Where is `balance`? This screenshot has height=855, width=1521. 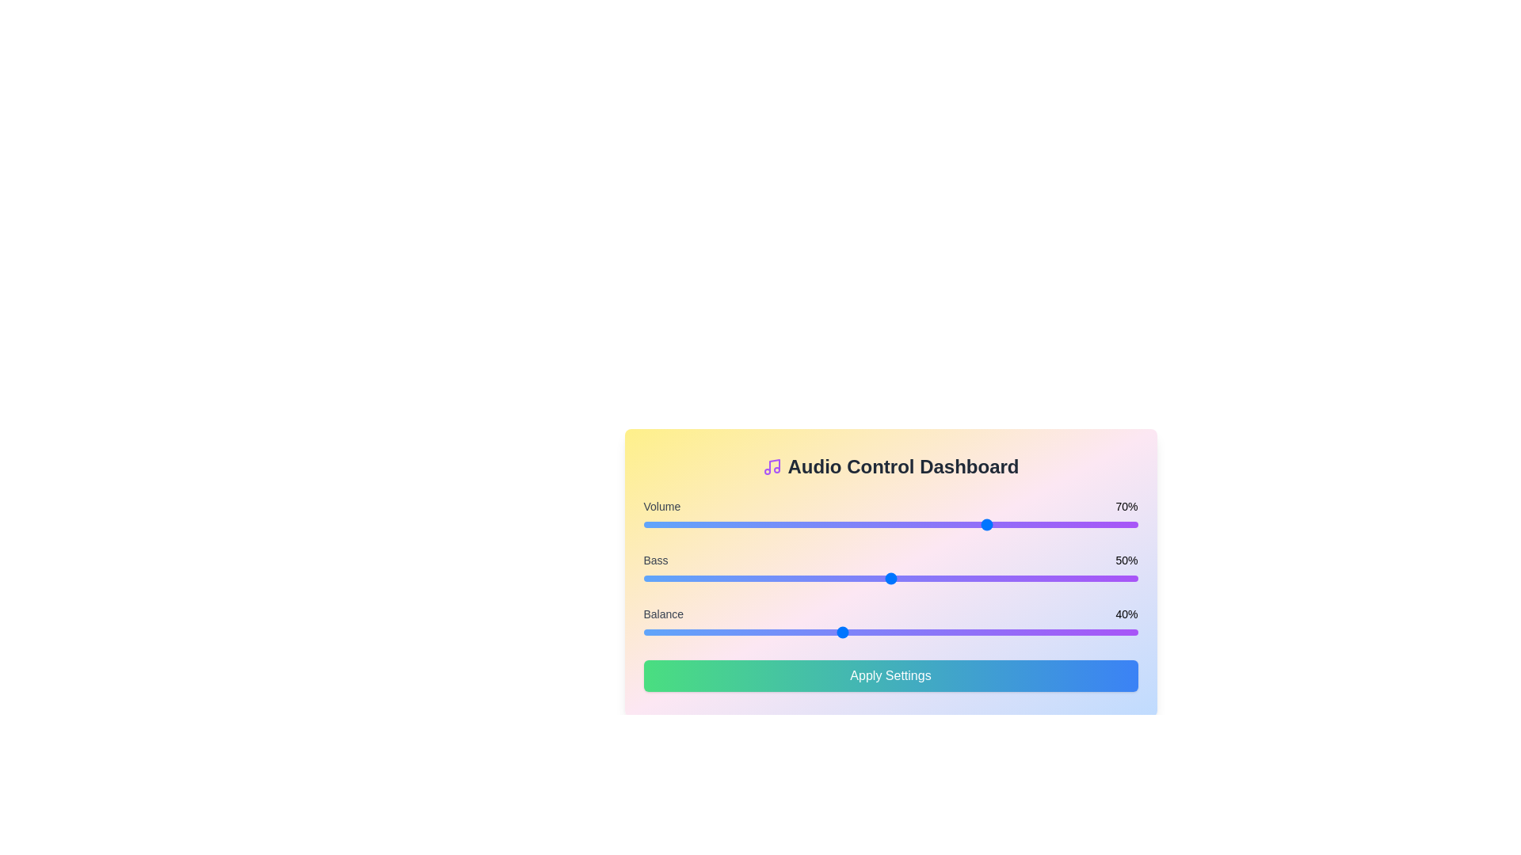
balance is located at coordinates (654, 631).